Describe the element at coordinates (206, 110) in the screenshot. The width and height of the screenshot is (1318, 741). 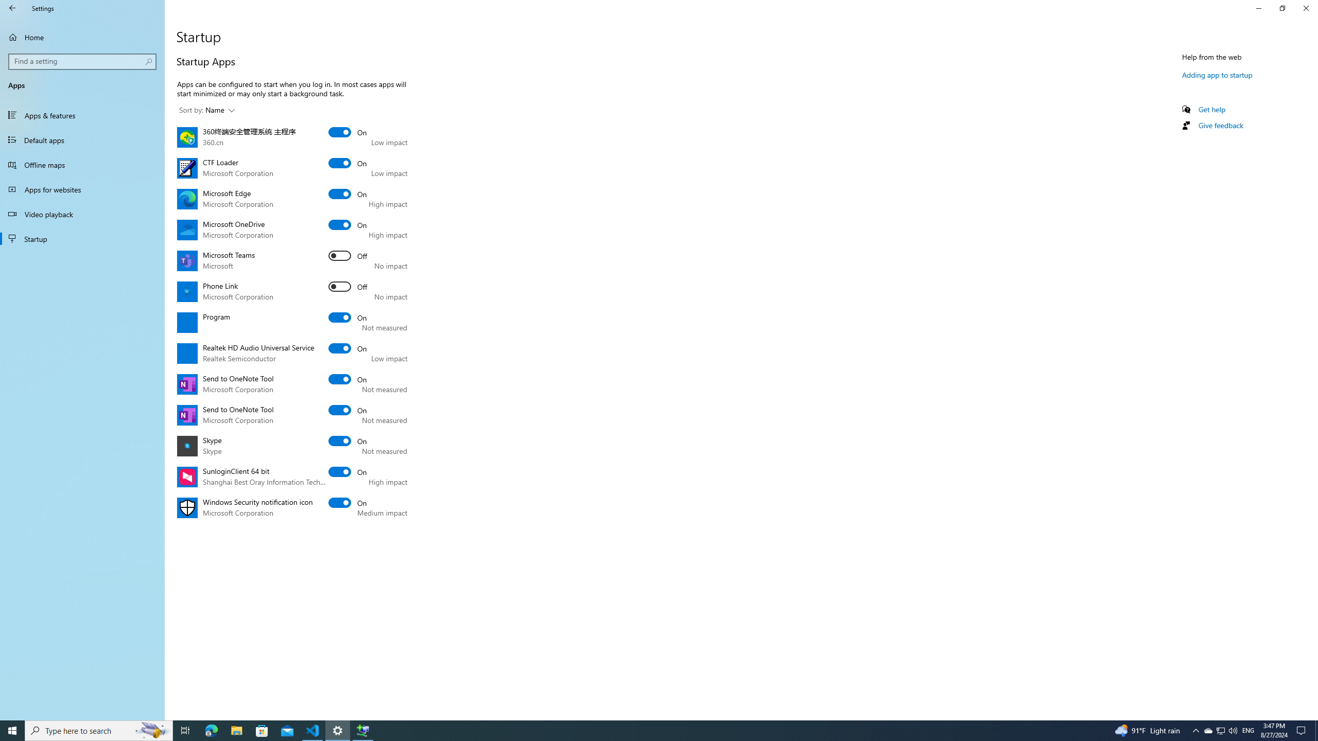
I see `'Sort by: Name'` at that location.